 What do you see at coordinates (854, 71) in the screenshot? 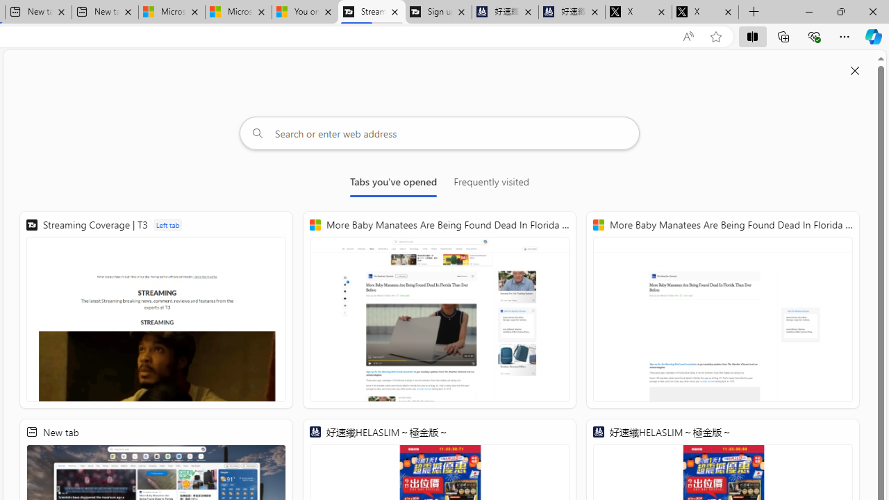
I see `'Close split screen'` at bounding box center [854, 71].